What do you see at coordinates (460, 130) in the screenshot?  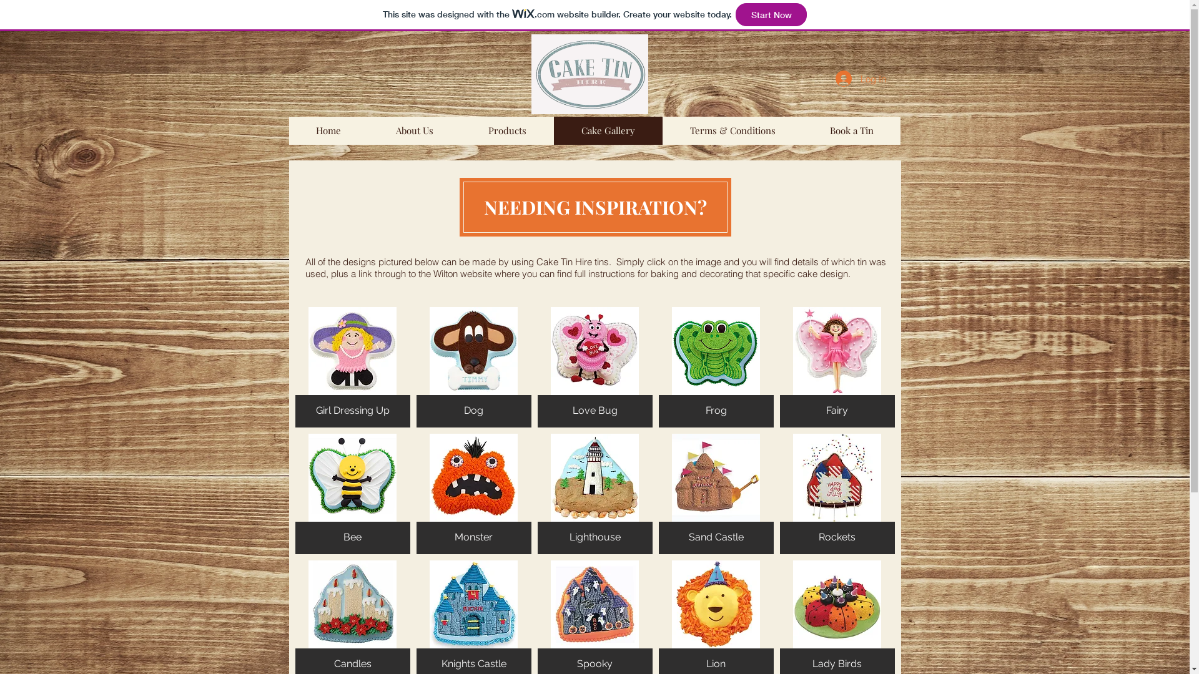 I see `'Products'` at bounding box center [460, 130].